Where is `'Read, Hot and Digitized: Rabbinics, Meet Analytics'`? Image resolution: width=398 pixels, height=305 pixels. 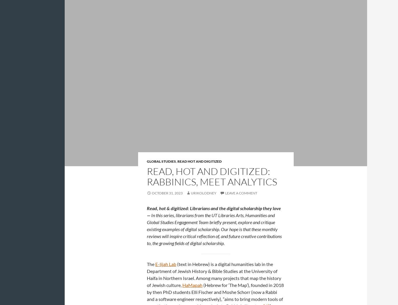 'Read, Hot and Digitized: Rabbinics, Meet Analytics' is located at coordinates (212, 176).